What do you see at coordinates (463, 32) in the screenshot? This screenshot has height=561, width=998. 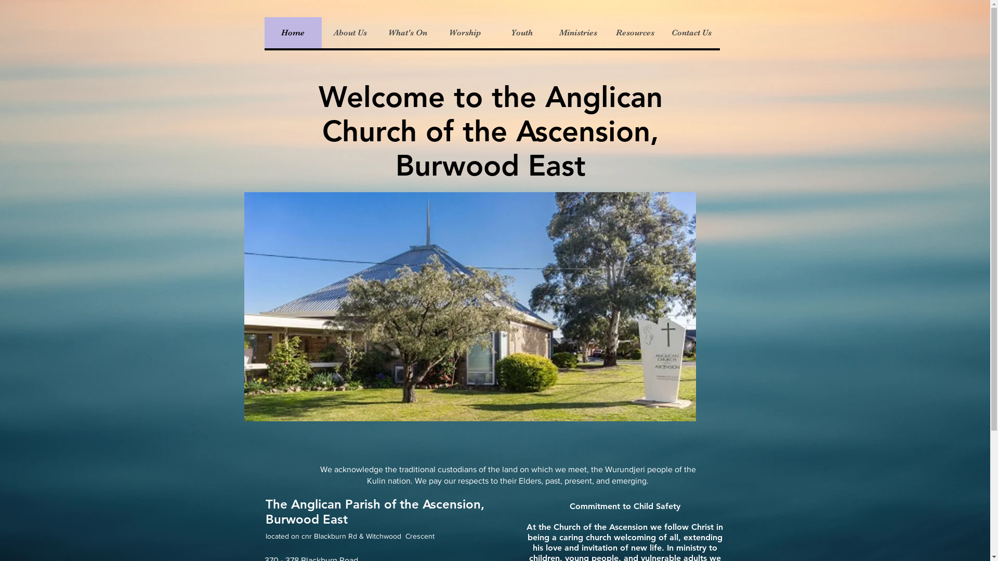 I see `'Worship'` at bounding box center [463, 32].